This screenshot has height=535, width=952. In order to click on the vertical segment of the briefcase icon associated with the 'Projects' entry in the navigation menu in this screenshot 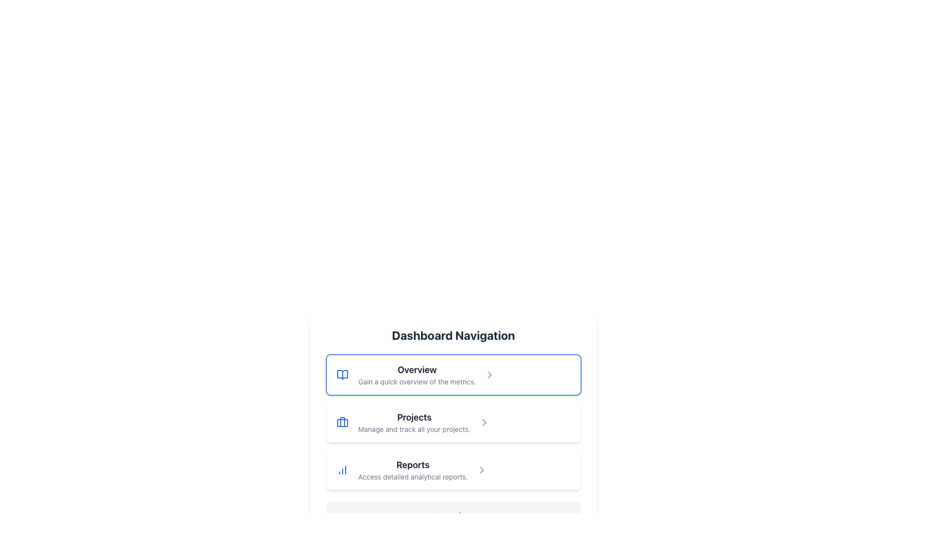, I will do `click(342, 422)`.